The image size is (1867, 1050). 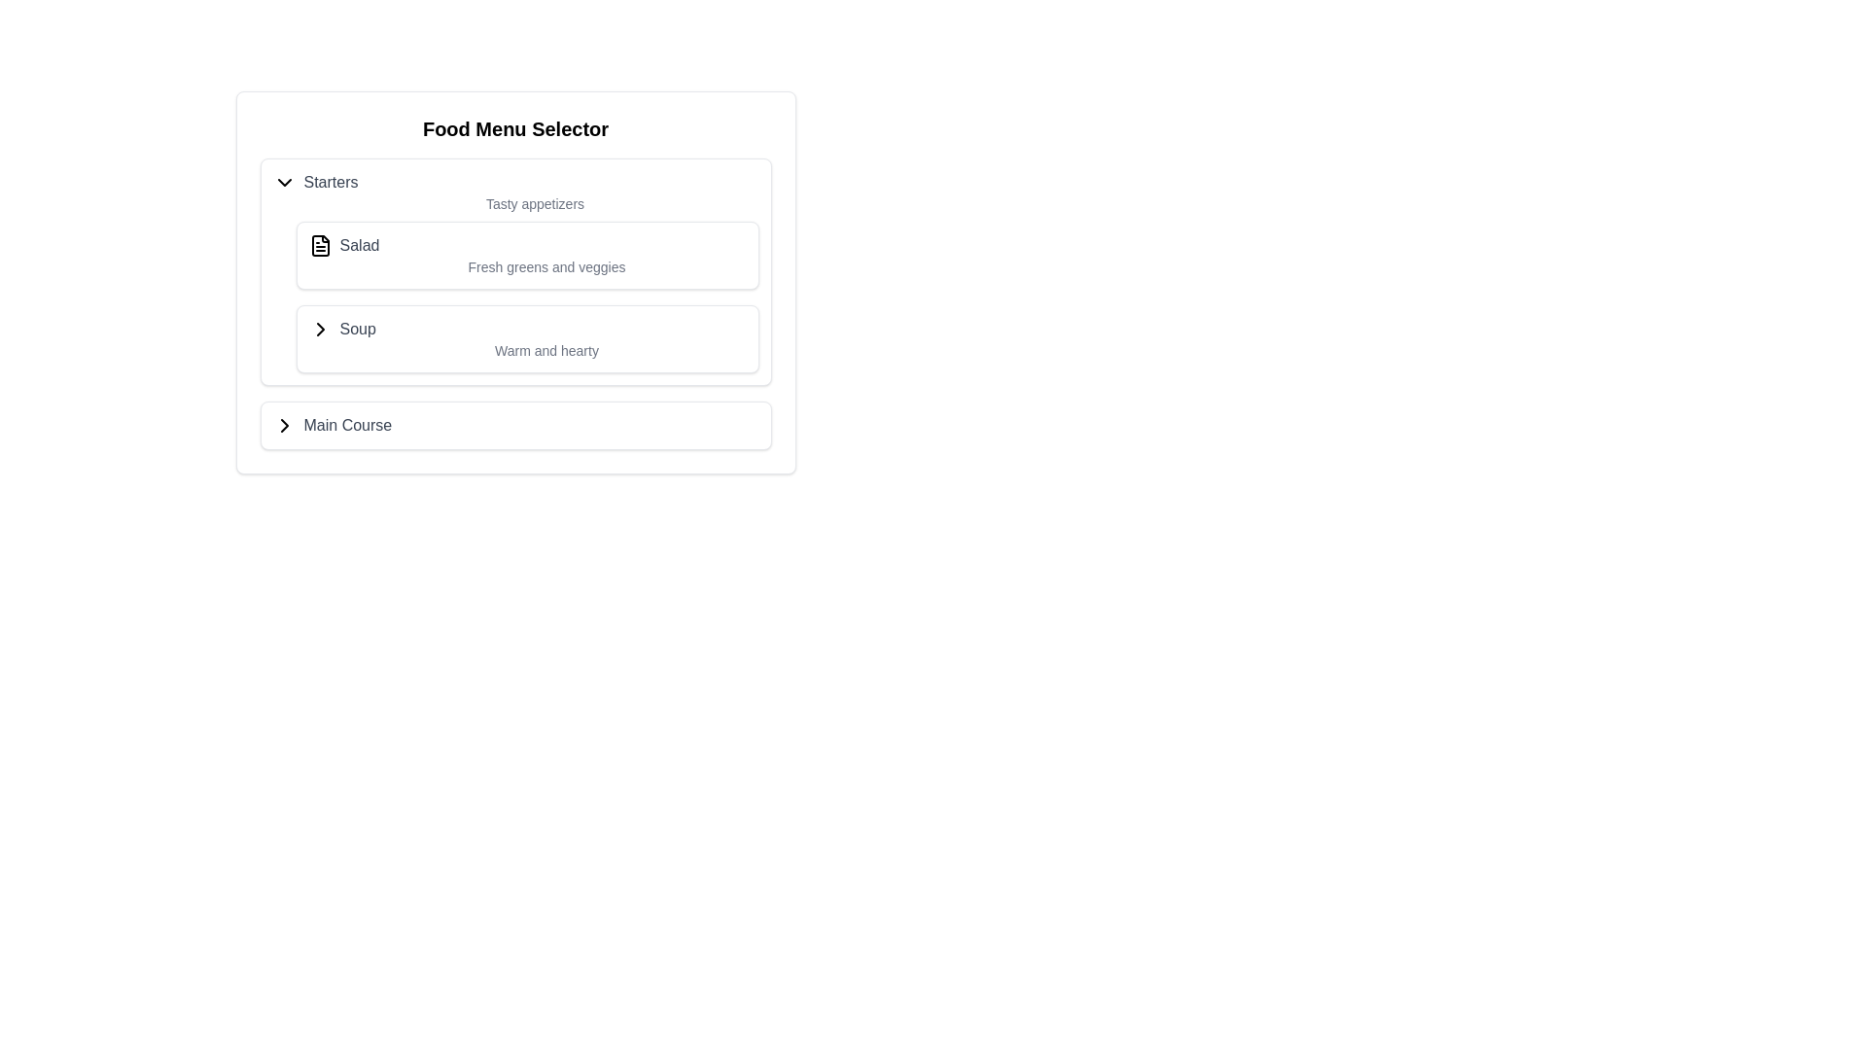 What do you see at coordinates (515, 425) in the screenshot?
I see `on the 'Main Course' list item in the 'Food Menu Selector' interface` at bounding box center [515, 425].